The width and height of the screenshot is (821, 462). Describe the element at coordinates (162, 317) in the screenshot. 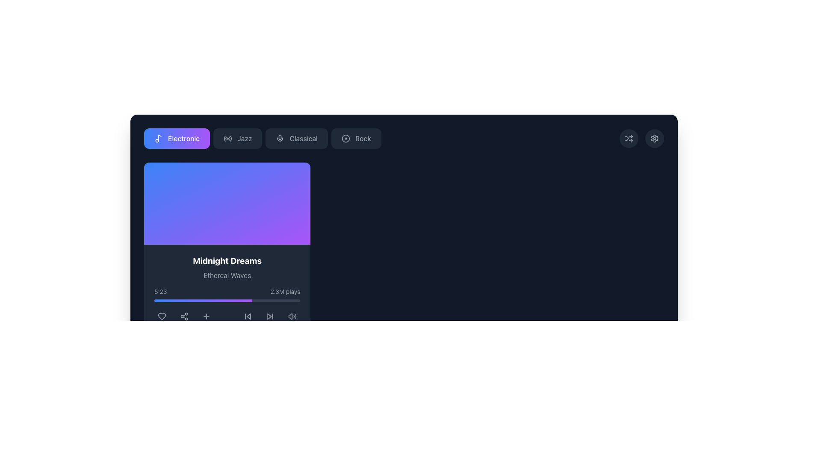

I see `the heart-shaped icon button with a gray outline located at the bottom-left of the music player interface to change its appearance` at that location.